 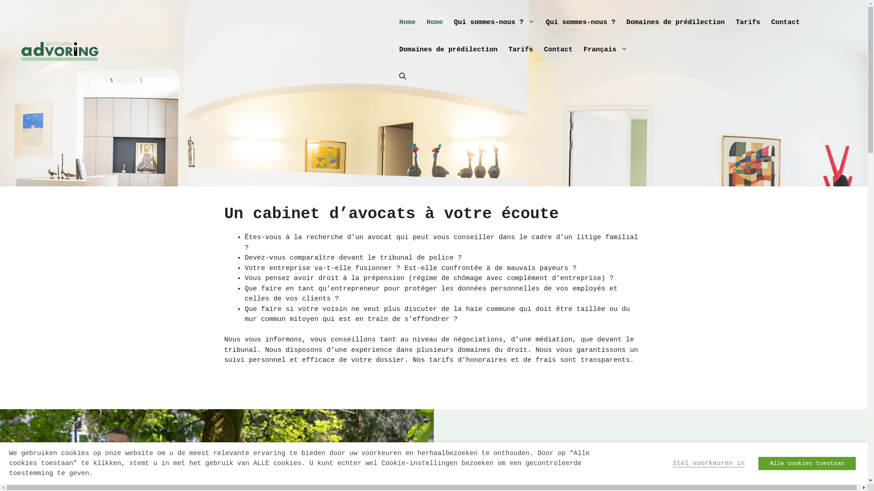 What do you see at coordinates (785, 22) in the screenshot?
I see `'Contact'` at bounding box center [785, 22].